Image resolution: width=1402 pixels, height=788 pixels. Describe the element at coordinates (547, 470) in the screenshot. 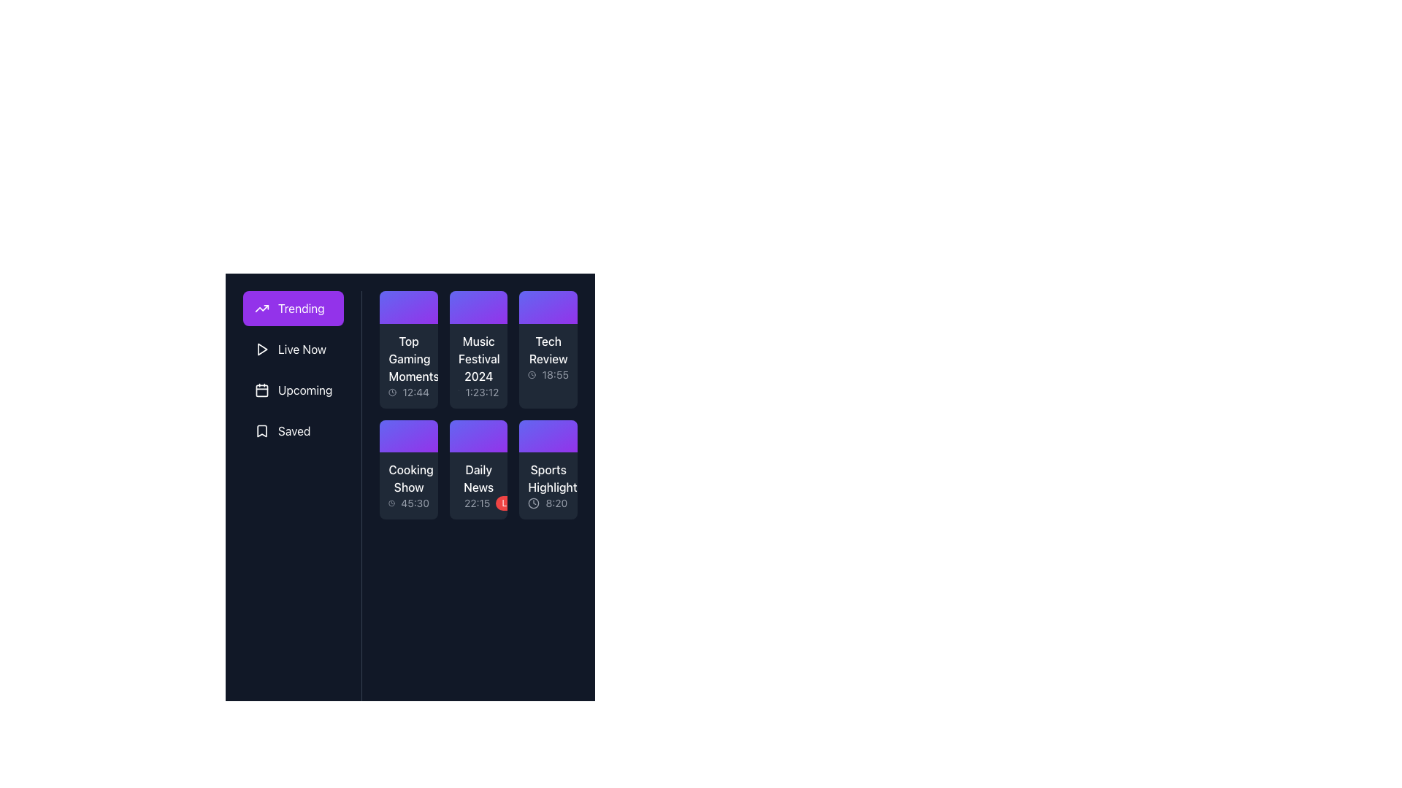

I see `the 'Sports Highlights' thumbnail tile` at that location.